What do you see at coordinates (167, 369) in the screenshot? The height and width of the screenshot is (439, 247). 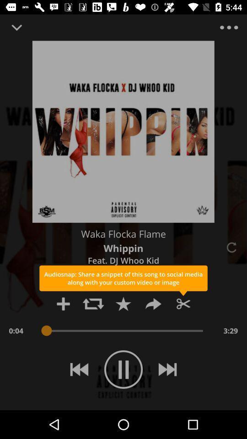 I see `the skip_next icon` at bounding box center [167, 369].